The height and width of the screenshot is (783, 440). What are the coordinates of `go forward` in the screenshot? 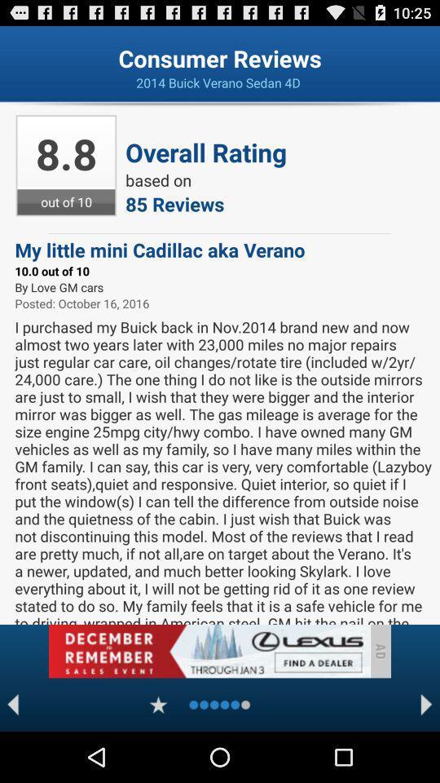 It's located at (426, 704).